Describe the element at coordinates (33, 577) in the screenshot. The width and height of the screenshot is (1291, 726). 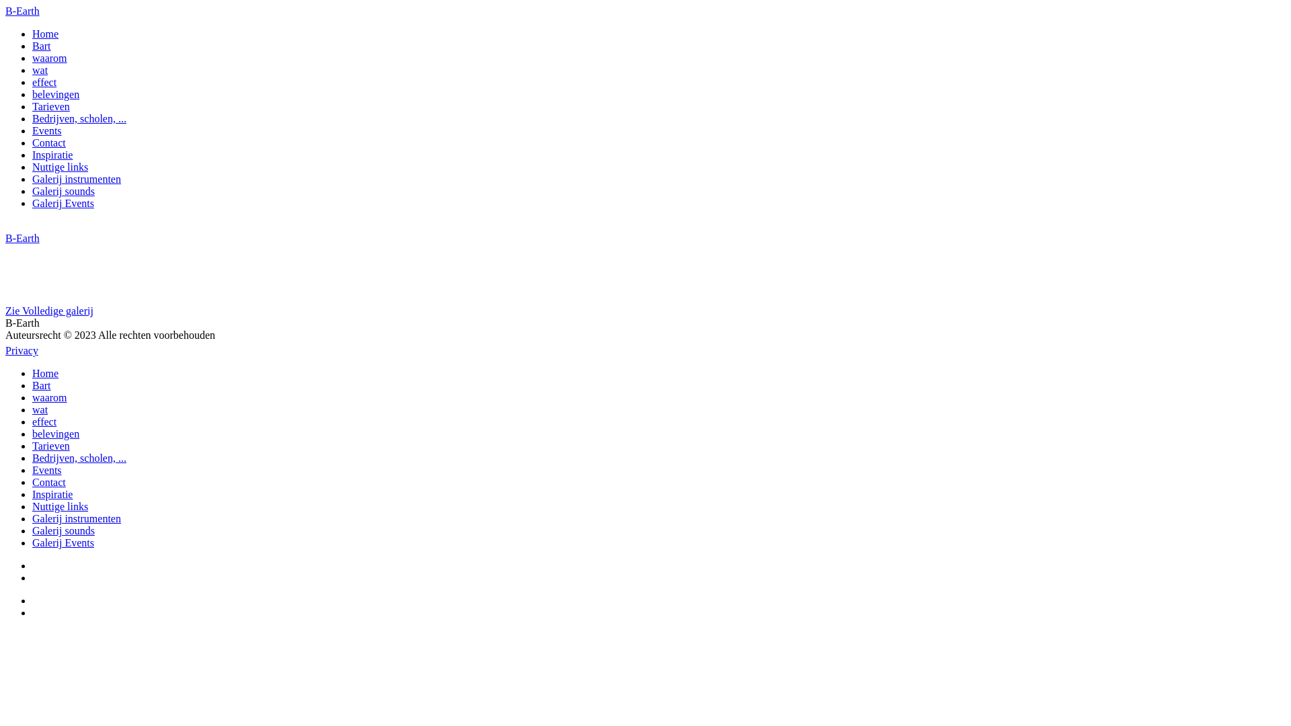
I see `' '` at that location.